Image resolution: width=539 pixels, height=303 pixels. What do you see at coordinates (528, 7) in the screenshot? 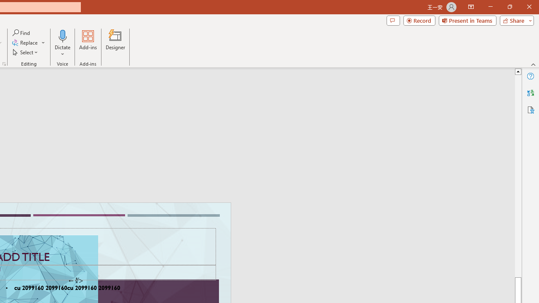
I see `'Close'` at bounding box center [528, 7].